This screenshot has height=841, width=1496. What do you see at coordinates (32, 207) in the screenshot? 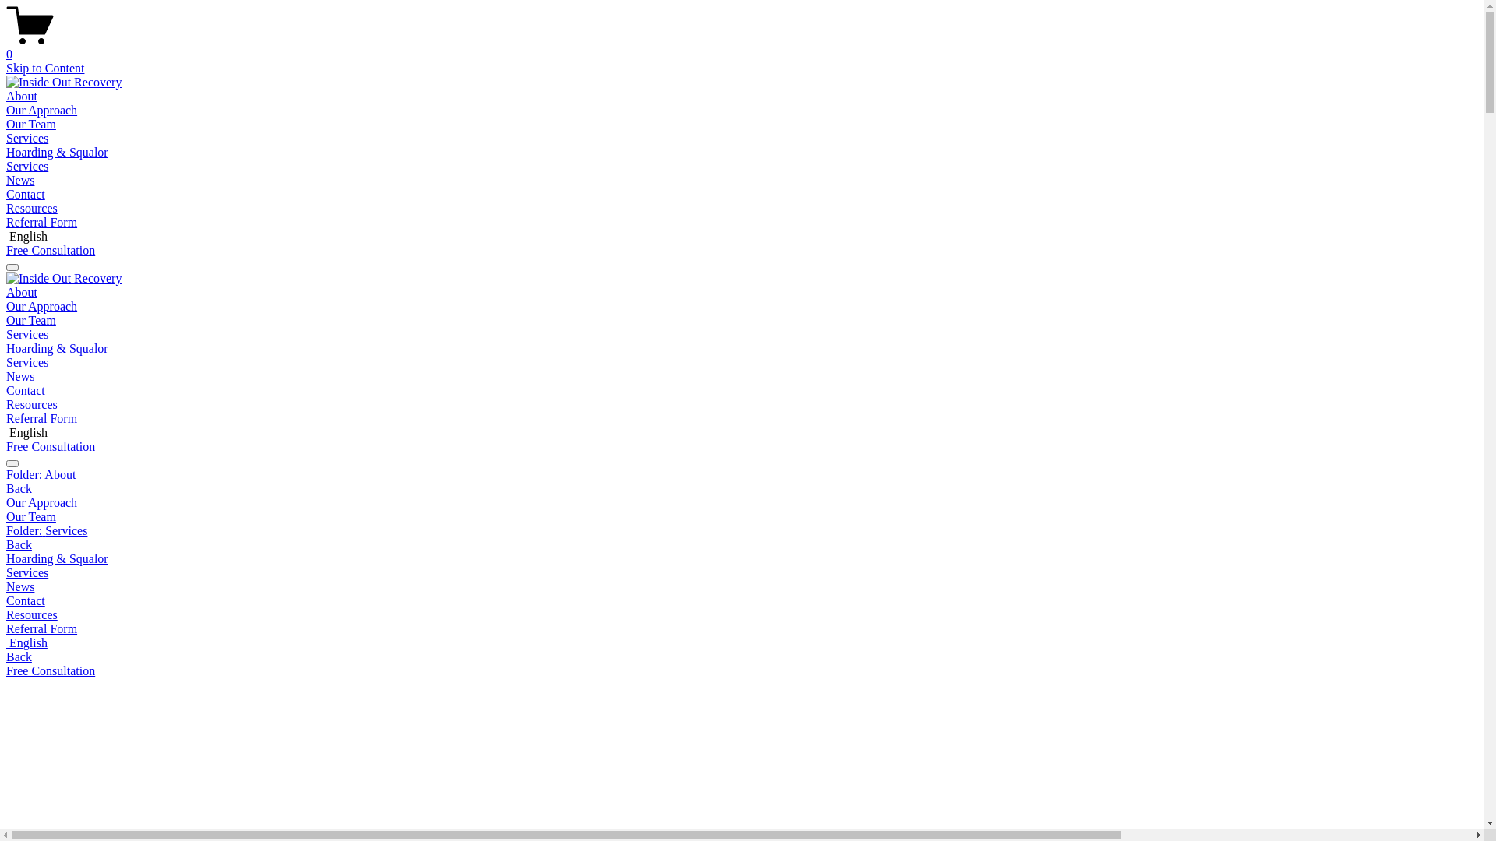
I see `'Resources'` at bounding box center [32, 207].